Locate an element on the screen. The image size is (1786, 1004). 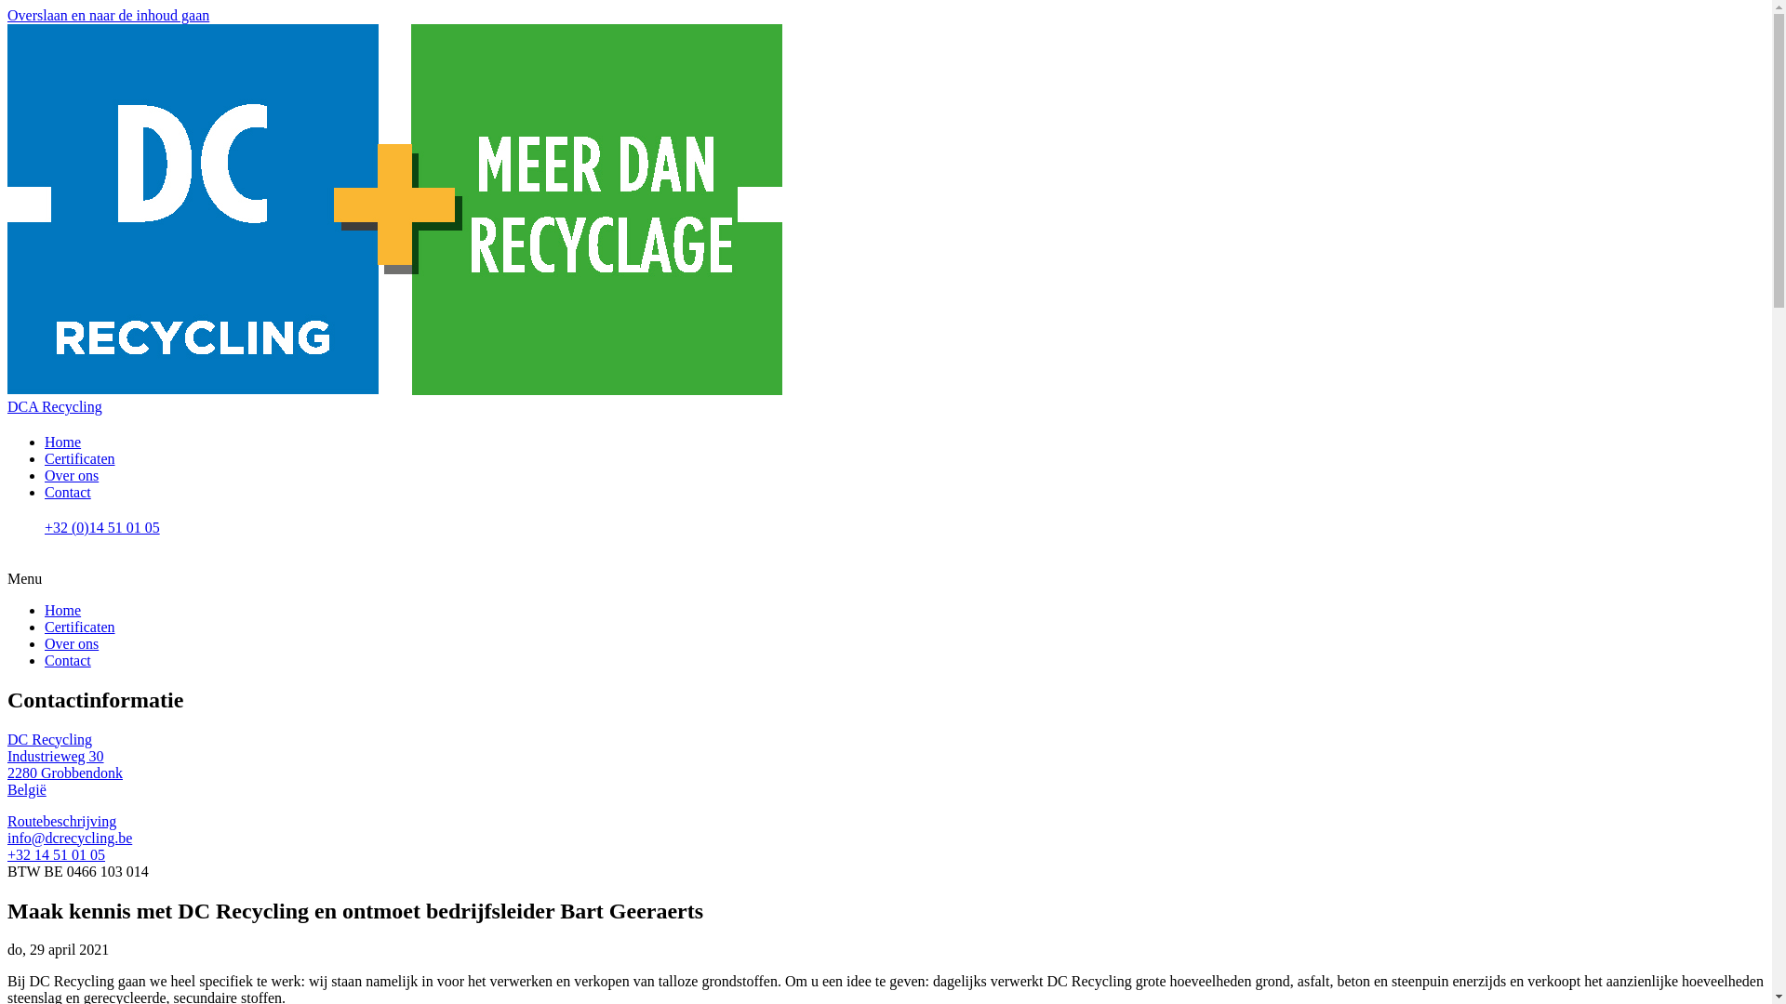
'Over ons' is located at coordinates (71, 474).